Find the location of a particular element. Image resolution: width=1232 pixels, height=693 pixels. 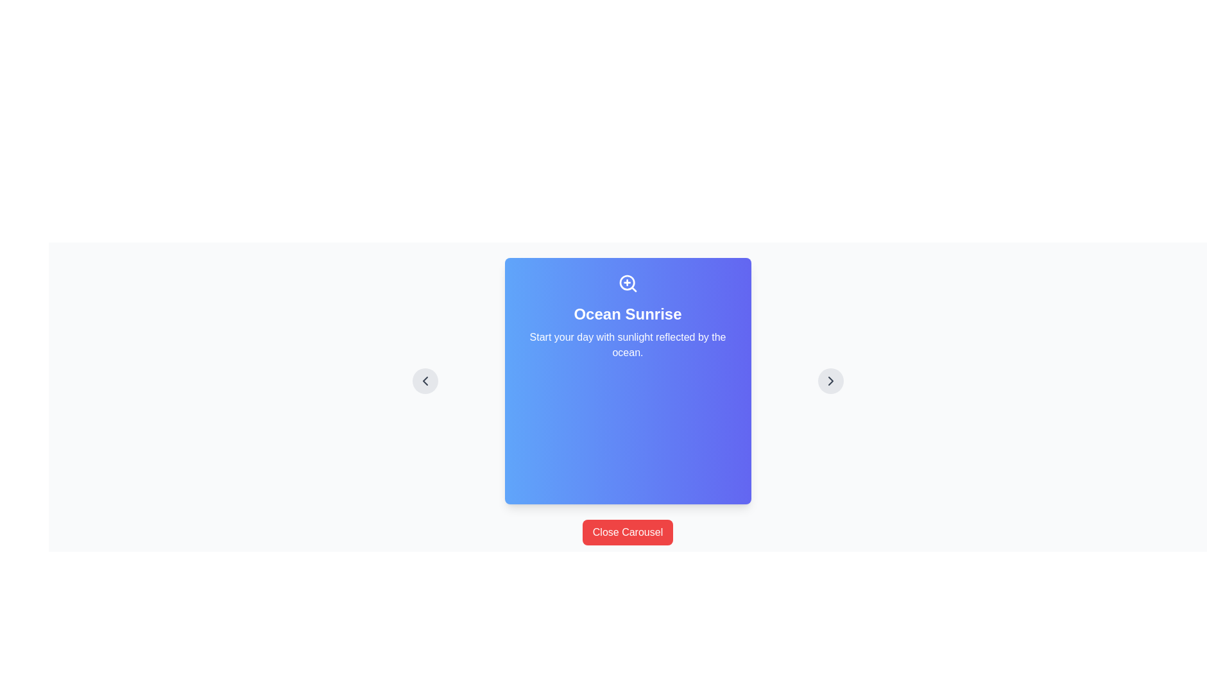

the left-pointing chevron icon button, which serves as a previous navigation button for scrolling back in a carousel, using keyboard shortcuts is located at coordinates (425, 381).